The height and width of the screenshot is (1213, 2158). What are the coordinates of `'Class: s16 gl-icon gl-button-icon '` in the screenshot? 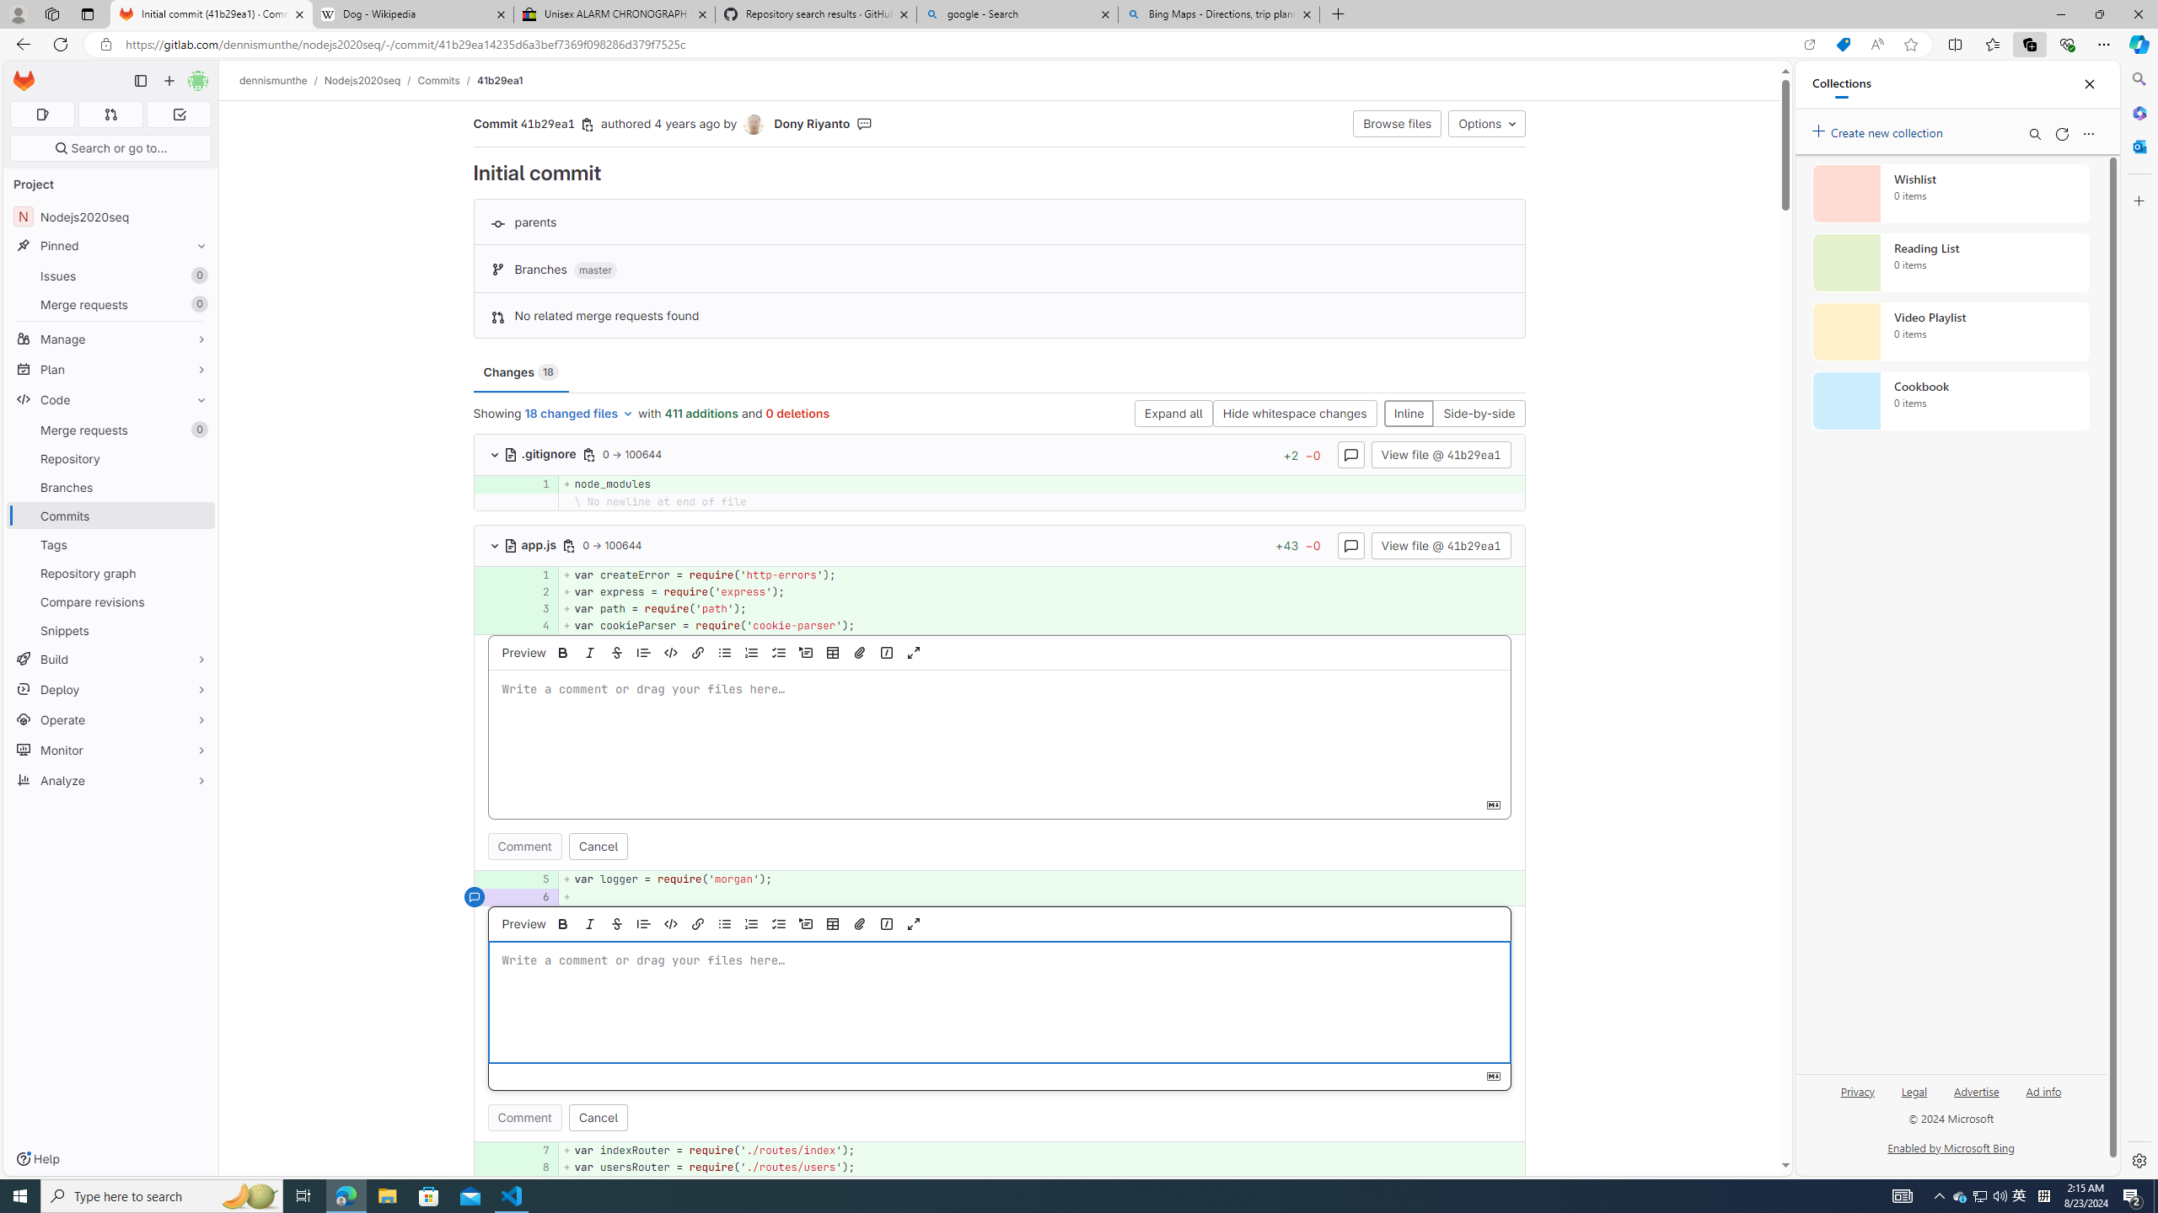 It's located at (1492, 1075).